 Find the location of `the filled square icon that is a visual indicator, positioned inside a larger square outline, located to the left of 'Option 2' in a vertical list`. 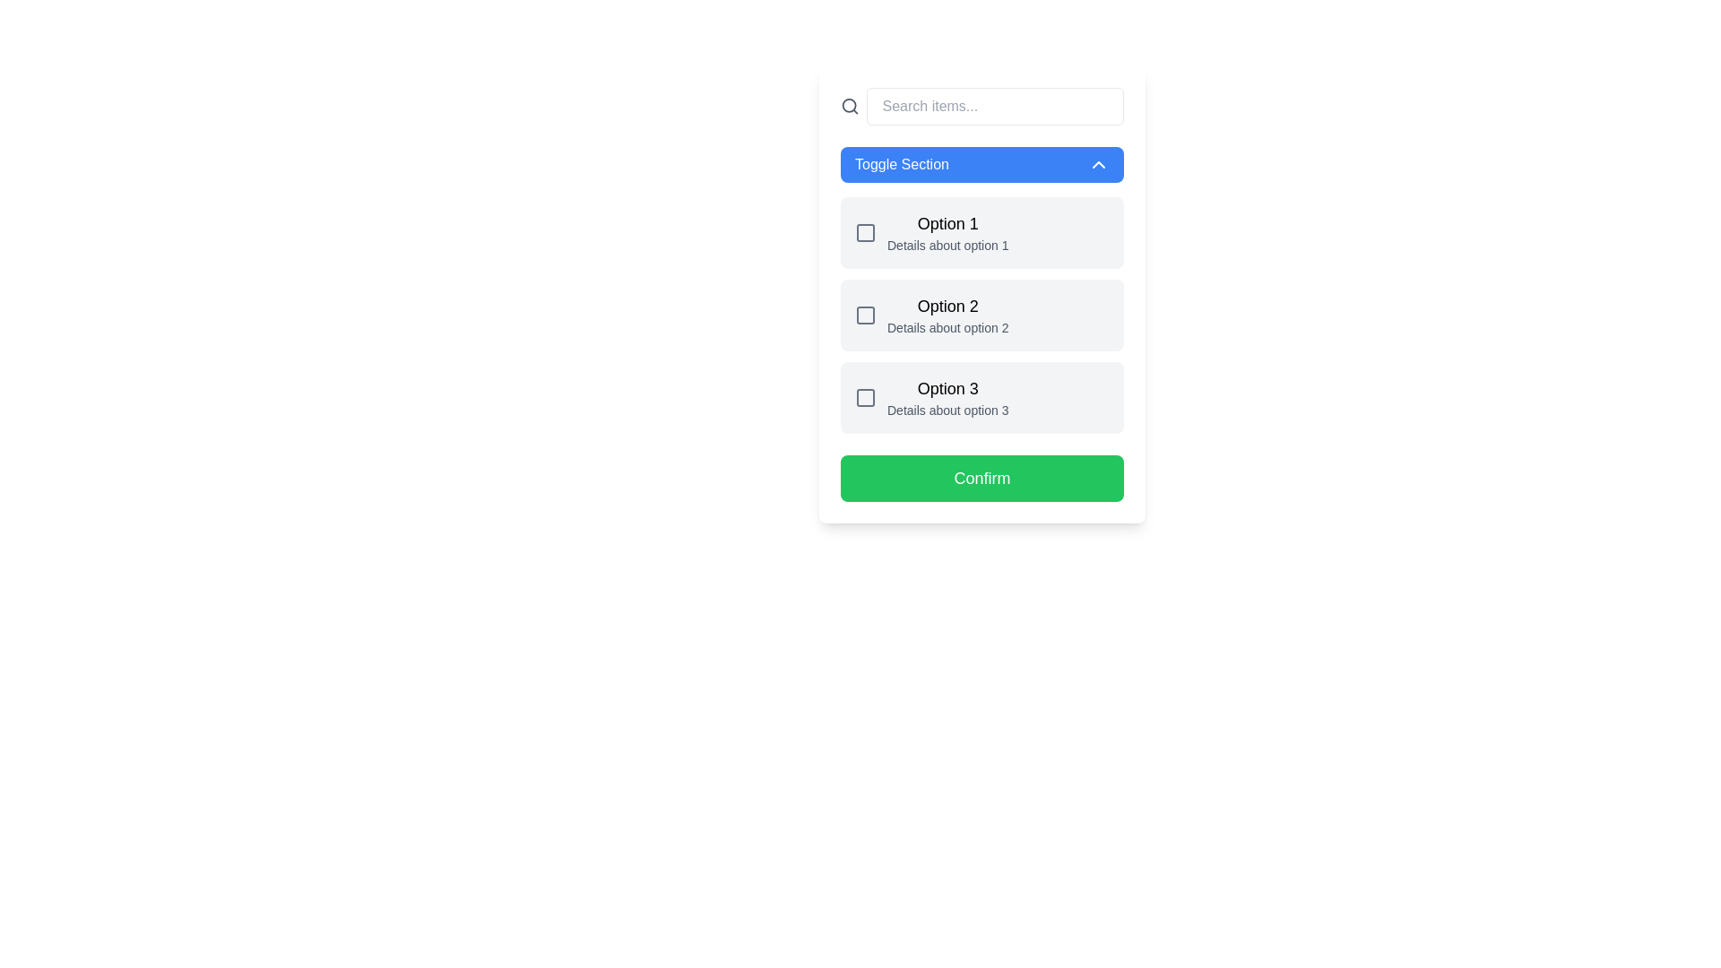

the filled square icon that is a visual indicator, positioned inside a larger square outline, located to the left of 'Option 2' in a vertical list is located at coordinates (865, 314).